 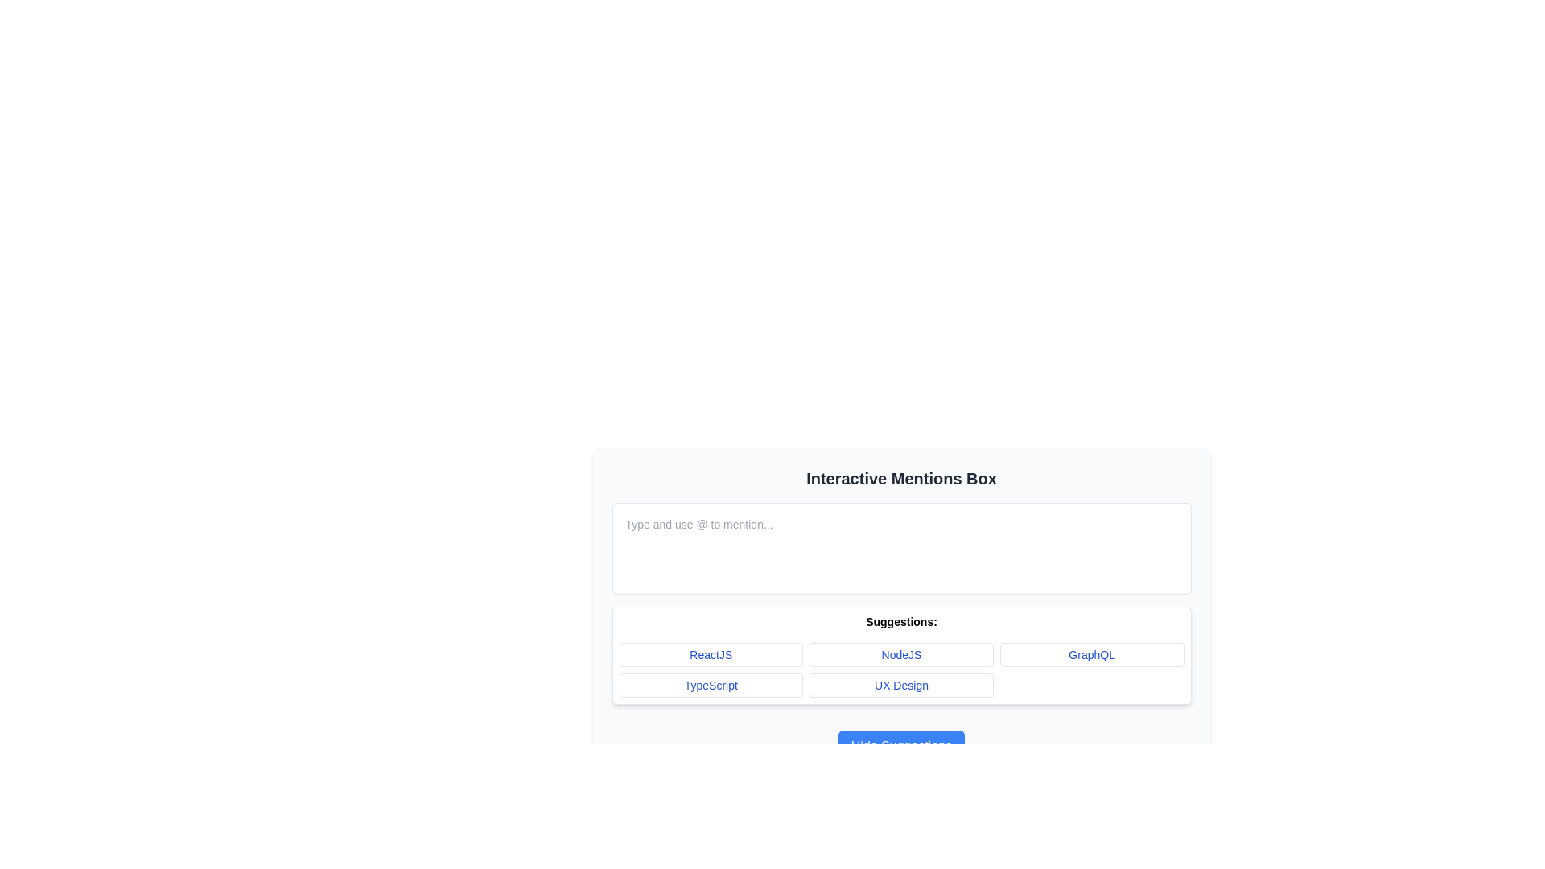 I want to click on the 'ReactJS' button, which is a rectangular button with blue text on a white background, located in the 'Suggestions' grid layout, so click(x=710, y=654).